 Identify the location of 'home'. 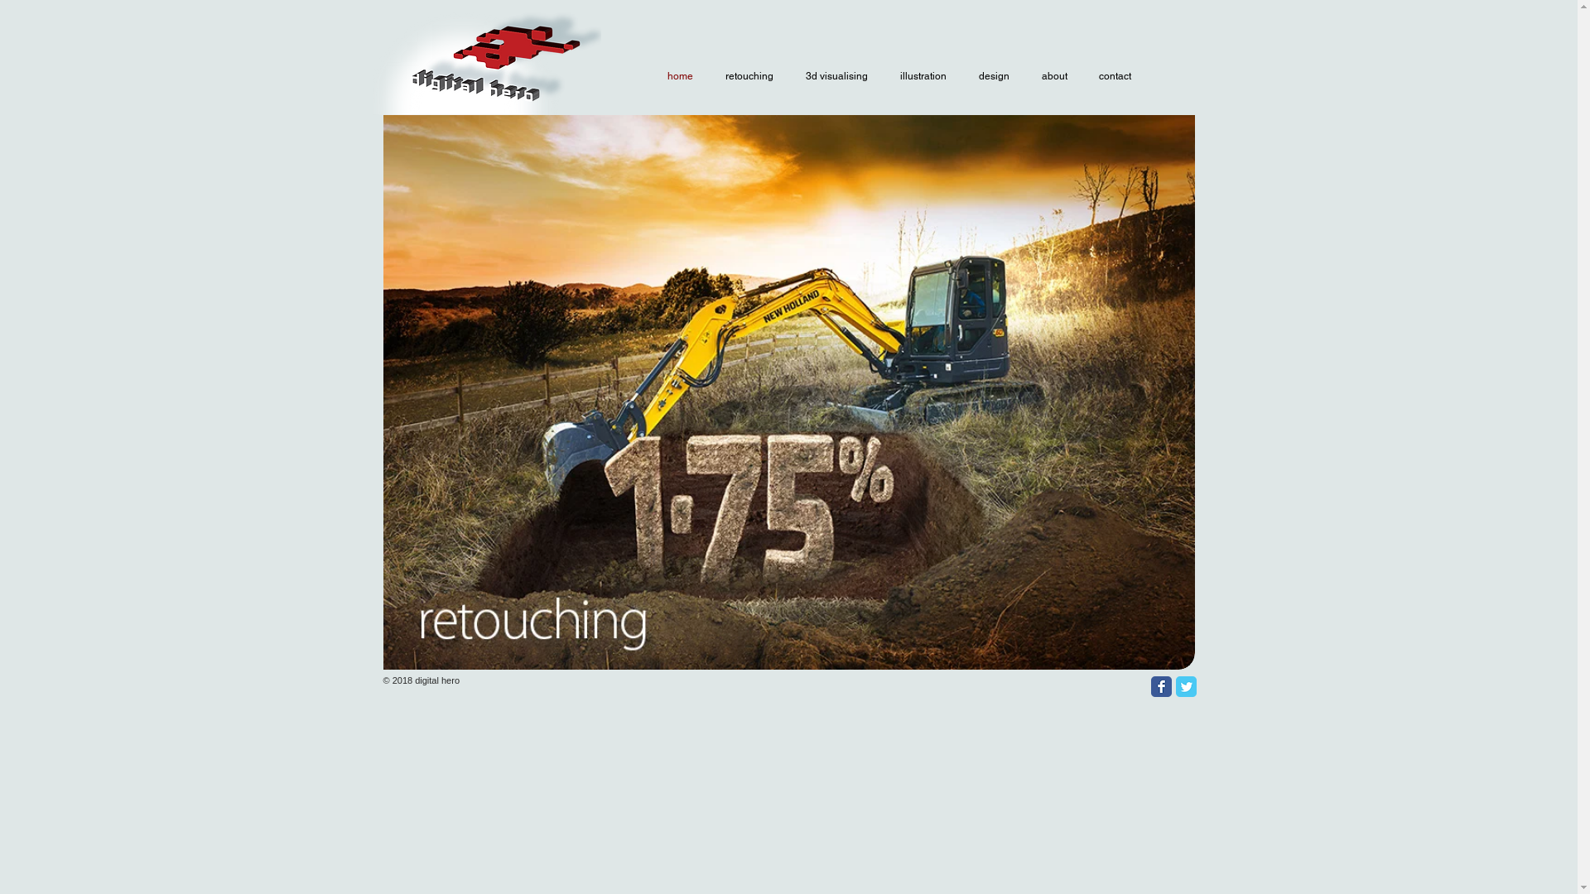
(678, 76).